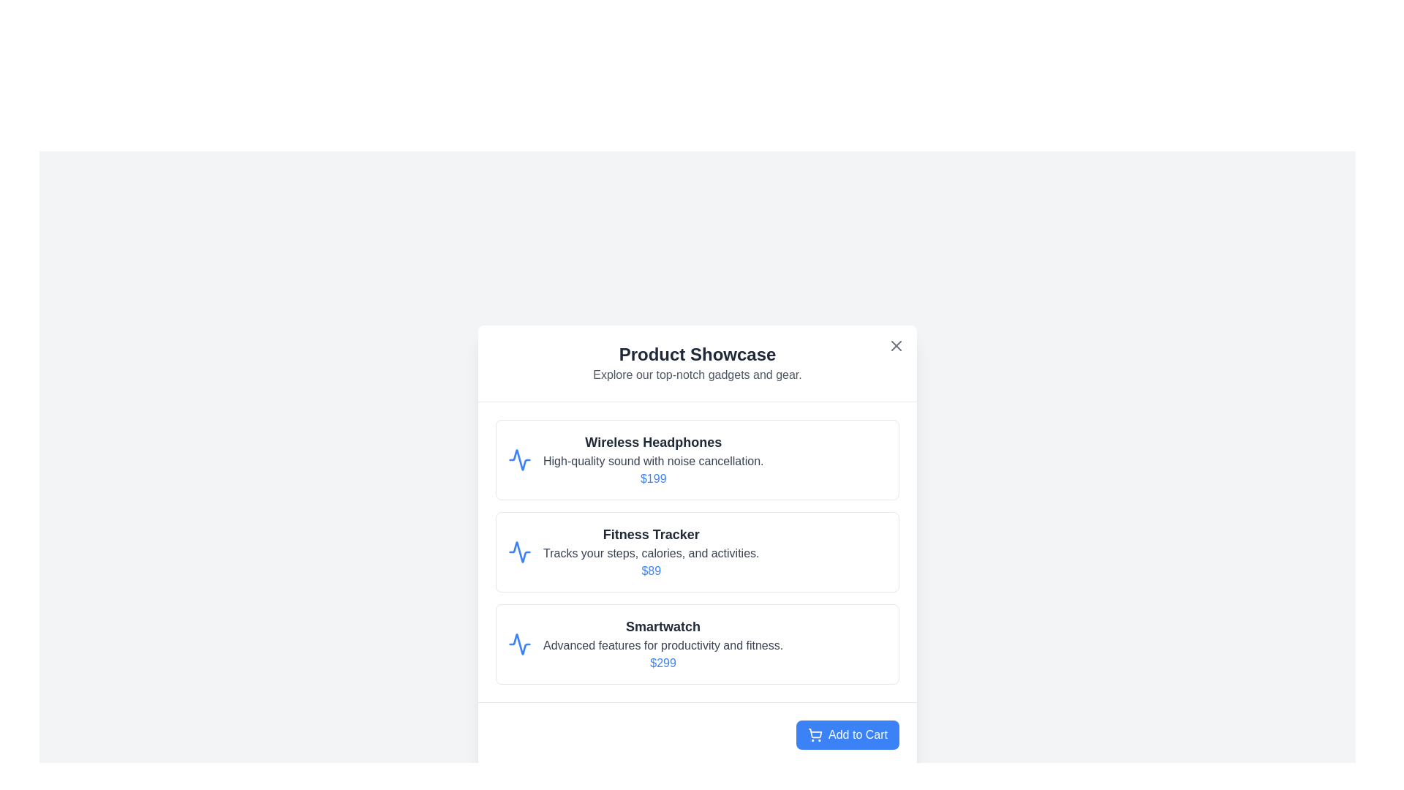 The height and width of the screenshot is (790, 1404). Describe the element at coordinates (663, 643) in the screenshot. I see `the 'Smartwatch' product listing text block` at that location.